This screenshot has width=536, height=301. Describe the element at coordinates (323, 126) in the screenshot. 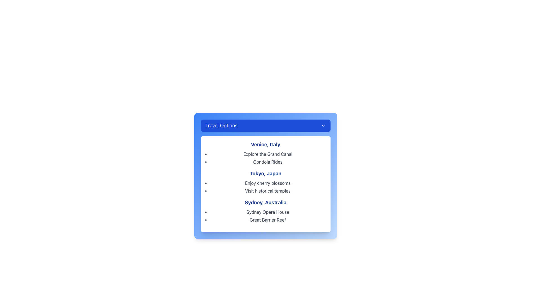

I see `the dropdown icon next to the 'Travel Options' button` at that location.